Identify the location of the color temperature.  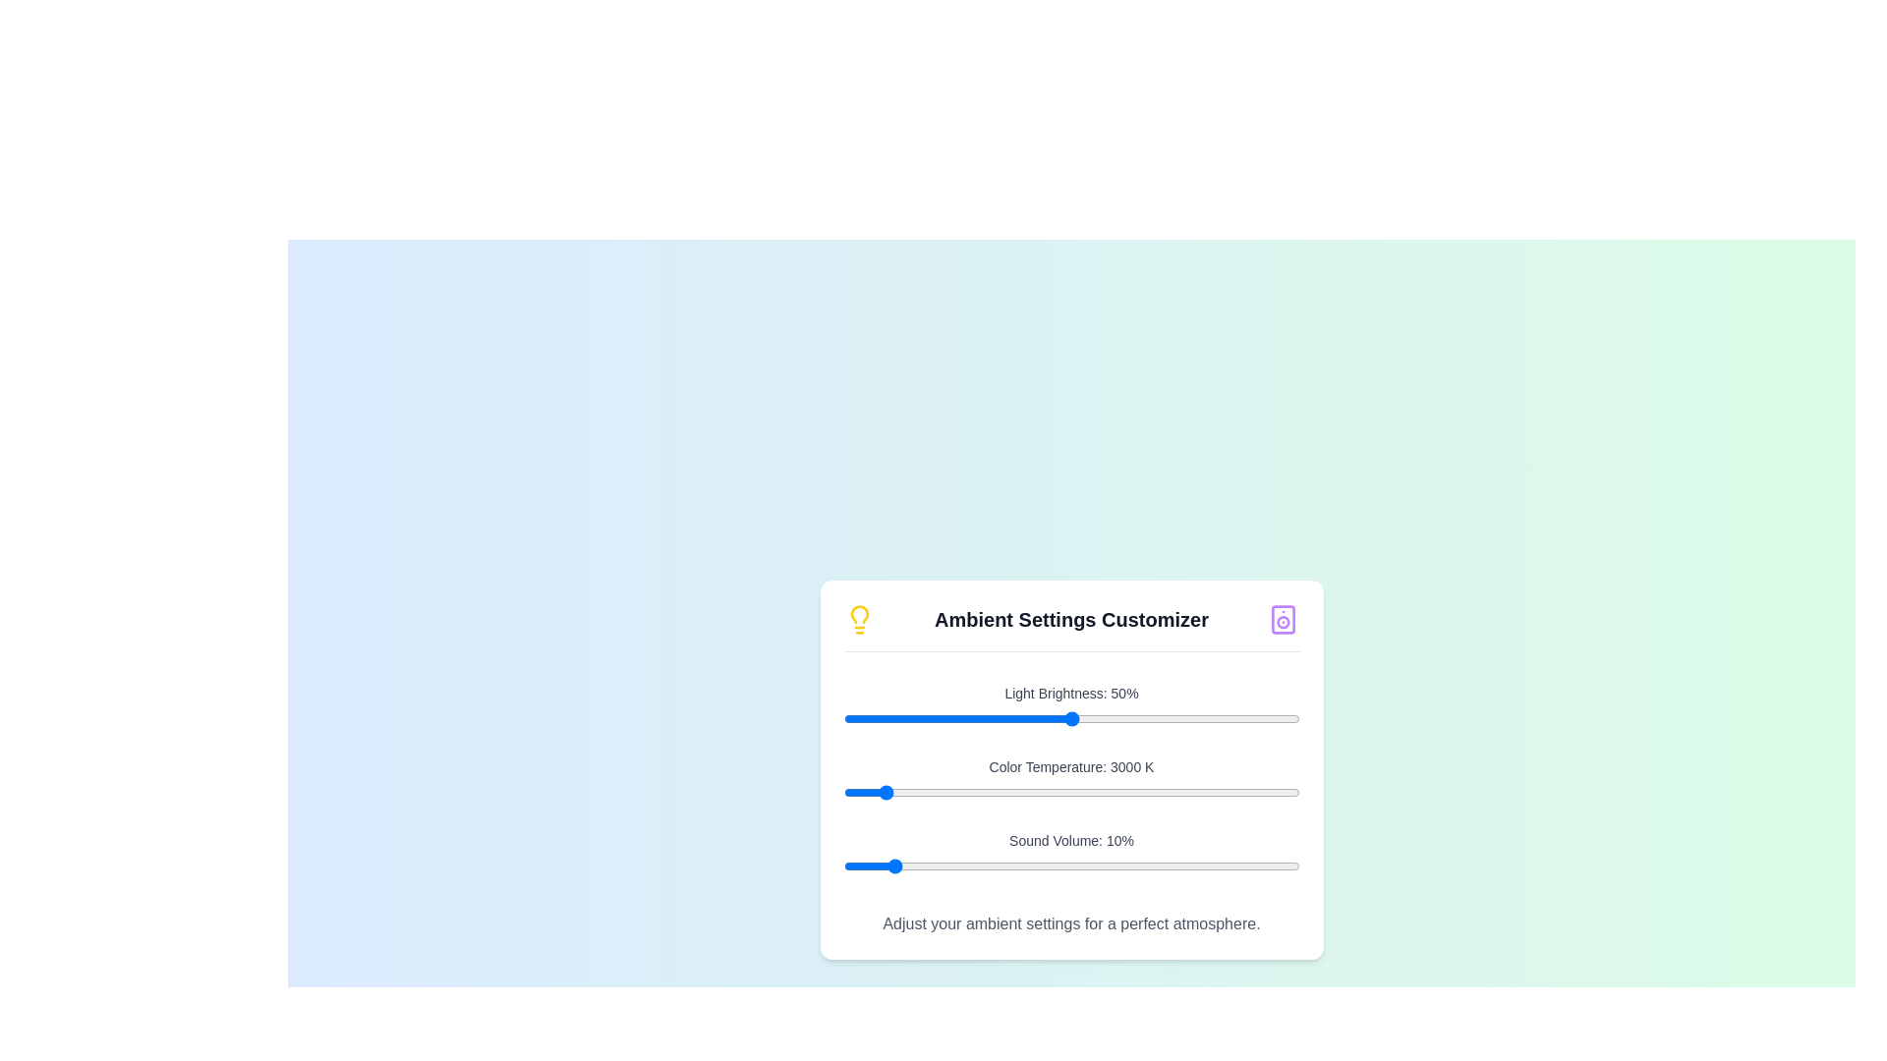
(1104, 791).